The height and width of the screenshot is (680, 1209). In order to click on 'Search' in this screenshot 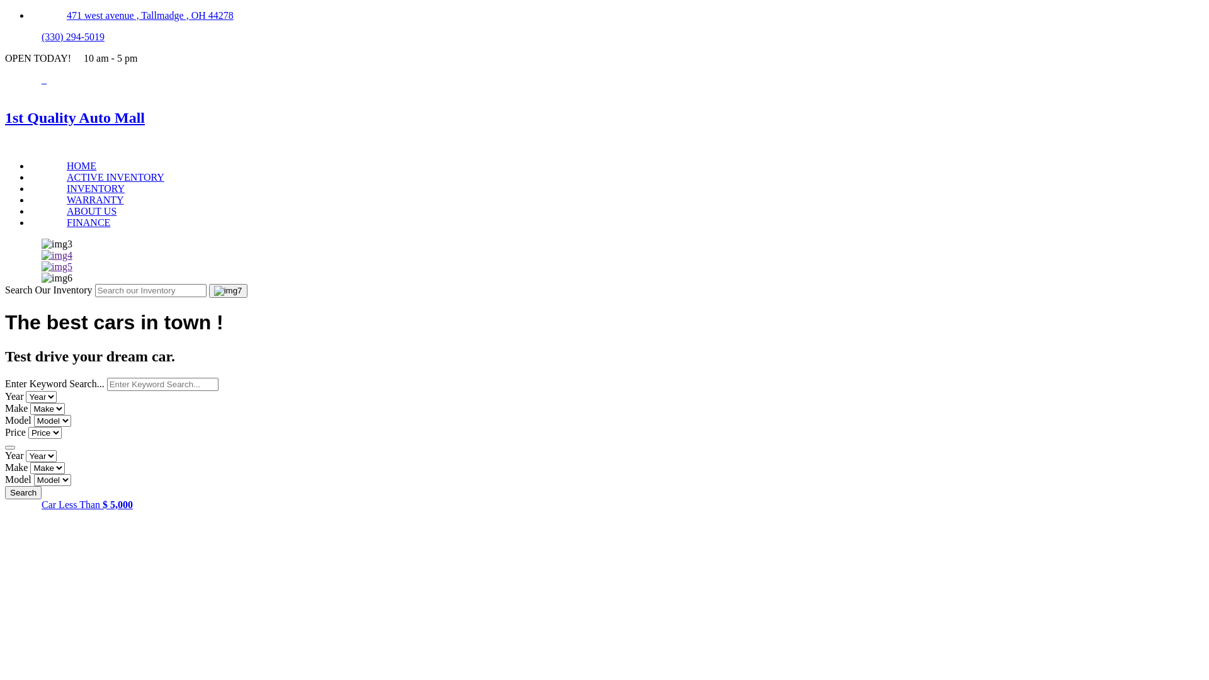, I will do `click(23, 492)`.